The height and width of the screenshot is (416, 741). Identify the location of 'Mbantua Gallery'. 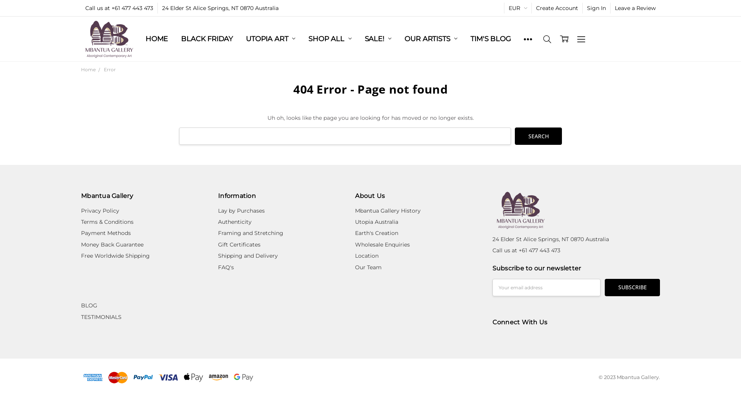
(109, 39).